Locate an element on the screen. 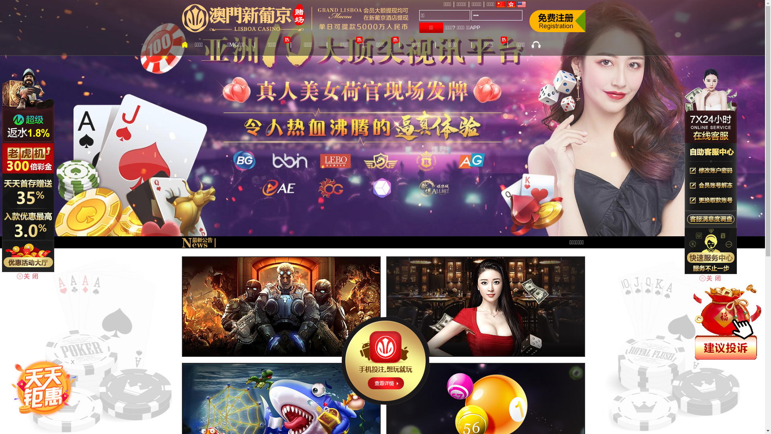 The image size is (771, 434). 'English' is located at coordinates (517, 4).